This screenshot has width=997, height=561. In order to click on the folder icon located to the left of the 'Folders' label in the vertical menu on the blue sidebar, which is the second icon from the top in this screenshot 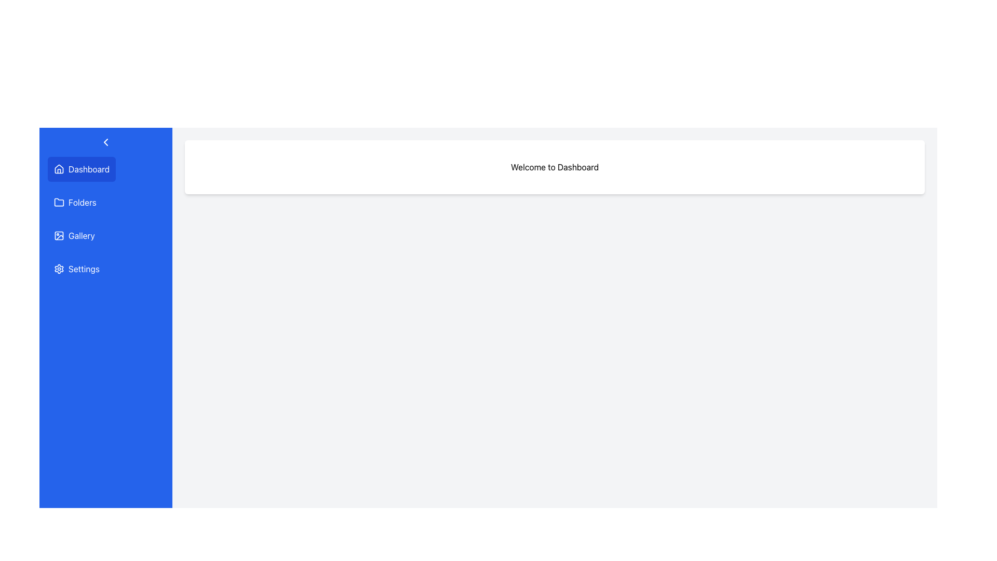, I will do `click(59, 202)`.